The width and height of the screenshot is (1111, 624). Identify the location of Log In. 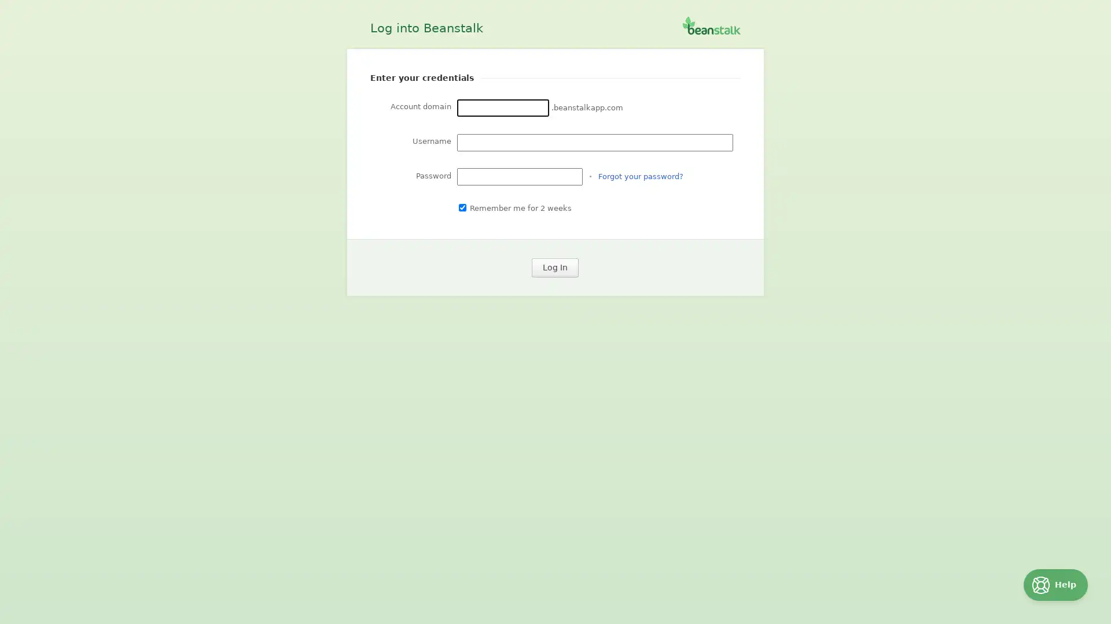
(554, 268).